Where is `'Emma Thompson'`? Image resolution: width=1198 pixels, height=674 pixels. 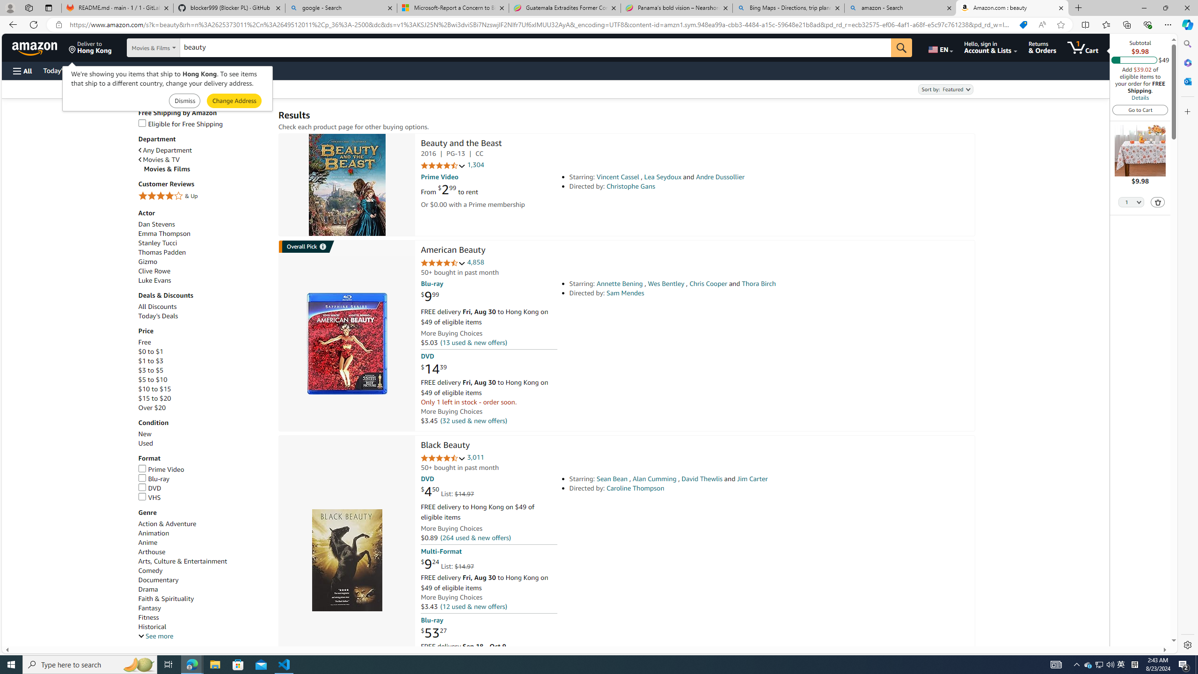
'Emma Thompson' is located at coordinates (204, 233).